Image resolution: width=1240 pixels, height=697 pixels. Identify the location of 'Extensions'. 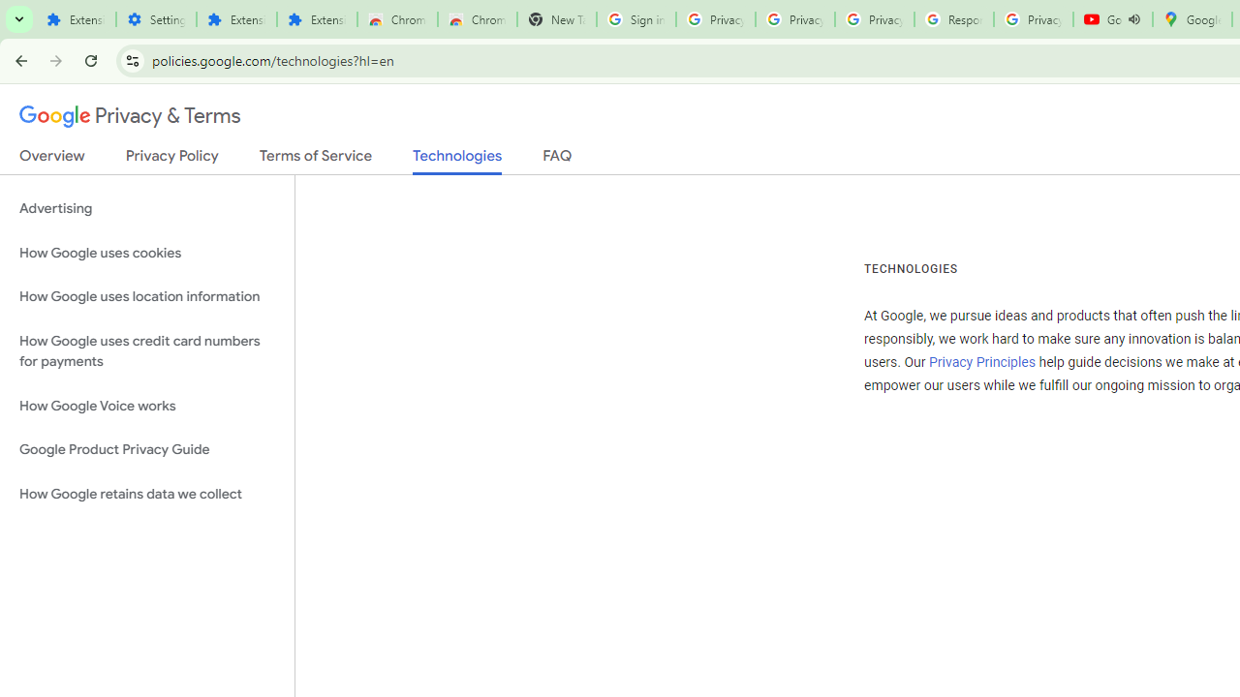
(317, 19).